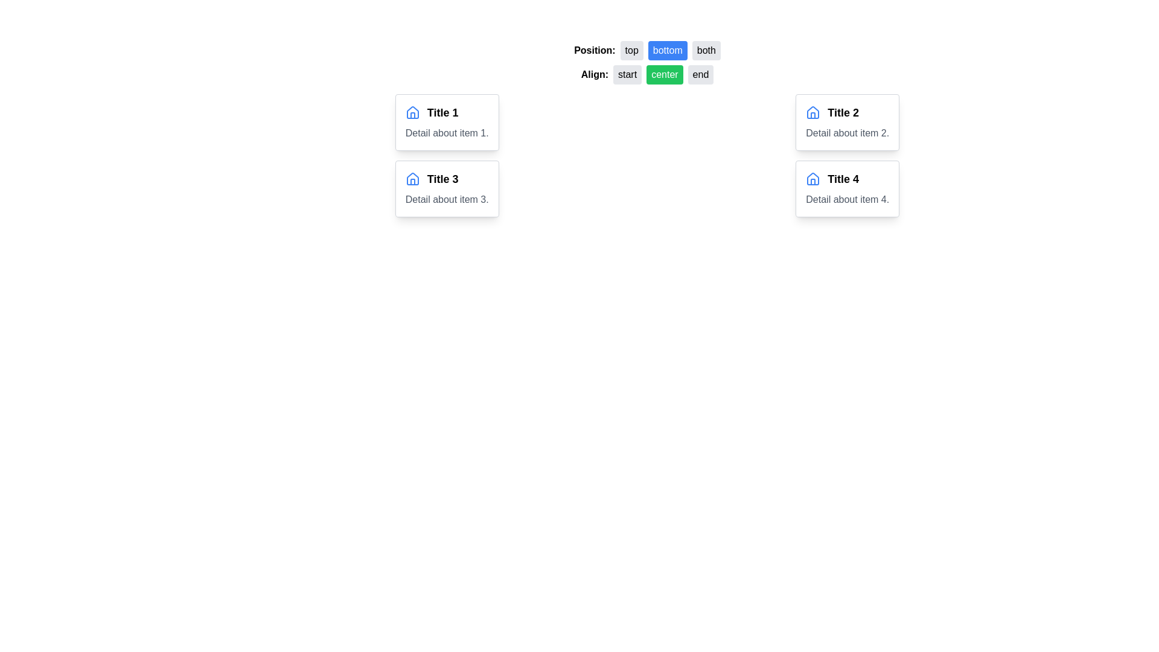  What do you see at coordinates (813, 179) in the screenshot?
I see `the blue house icon located to the left of the text labeled 'Title 4'` at bounding box center [813, 179].